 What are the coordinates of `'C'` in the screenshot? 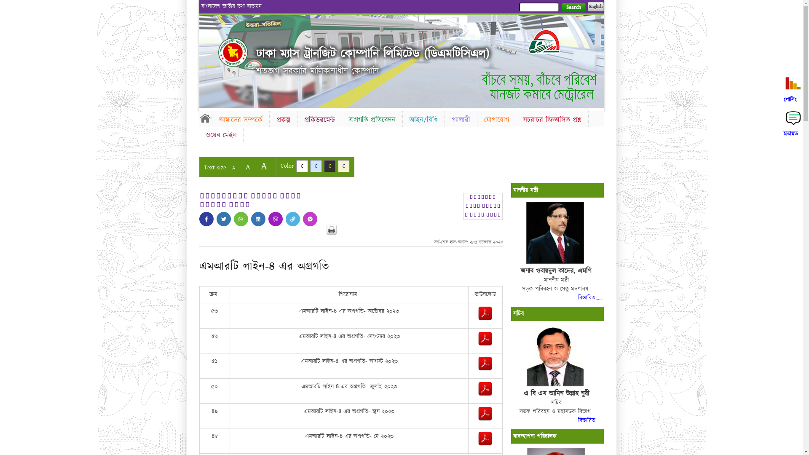 It's located at (344, 166).